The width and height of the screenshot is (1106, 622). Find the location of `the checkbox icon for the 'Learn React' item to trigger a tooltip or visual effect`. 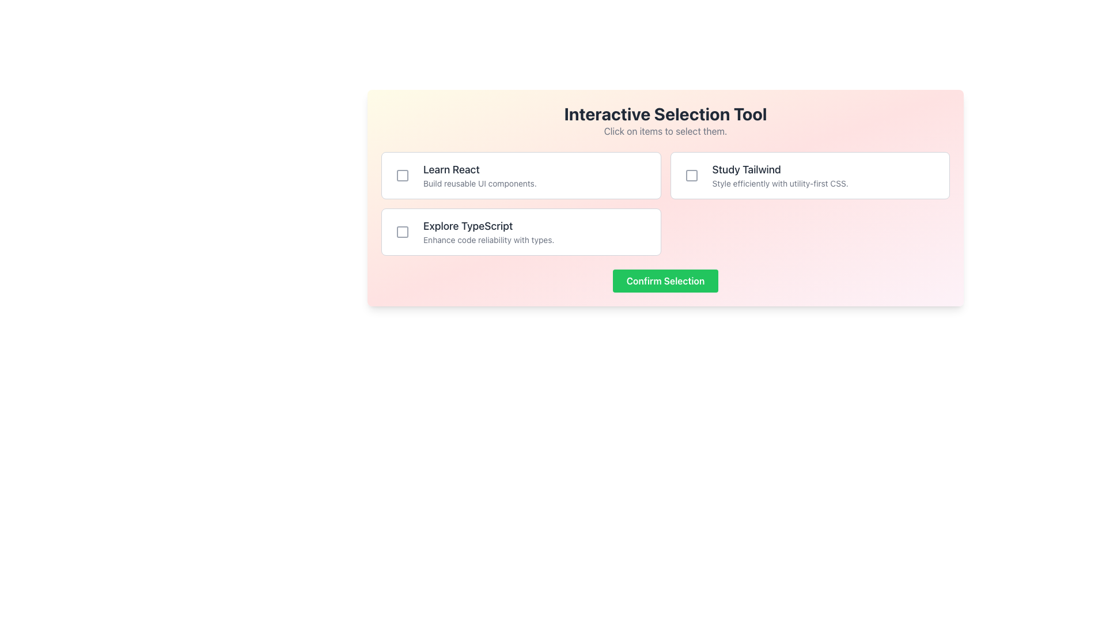

the checkbox icon for the 'Learn React' item to trigger a tooltip or visual effect is located at coordinates (403, 175).